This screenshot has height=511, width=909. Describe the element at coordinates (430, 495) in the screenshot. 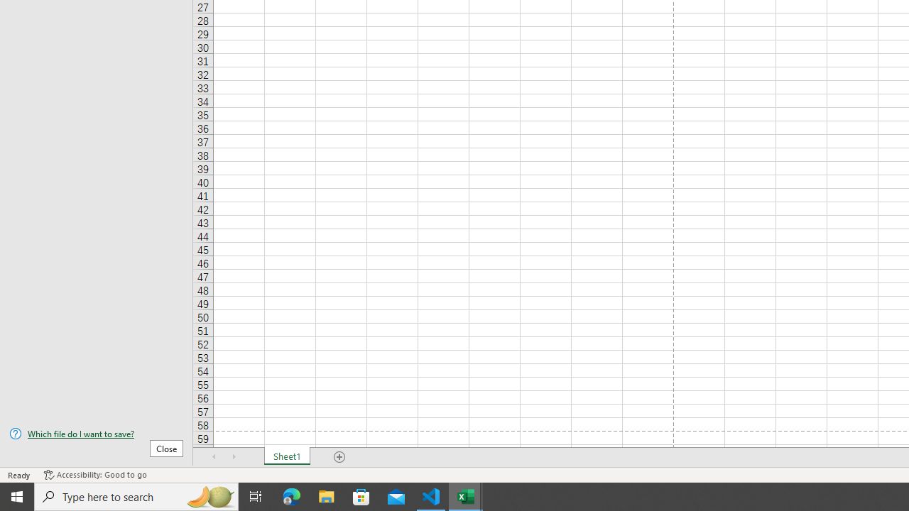

I see `'Visual Studio Code - 1 running window'` at that location.